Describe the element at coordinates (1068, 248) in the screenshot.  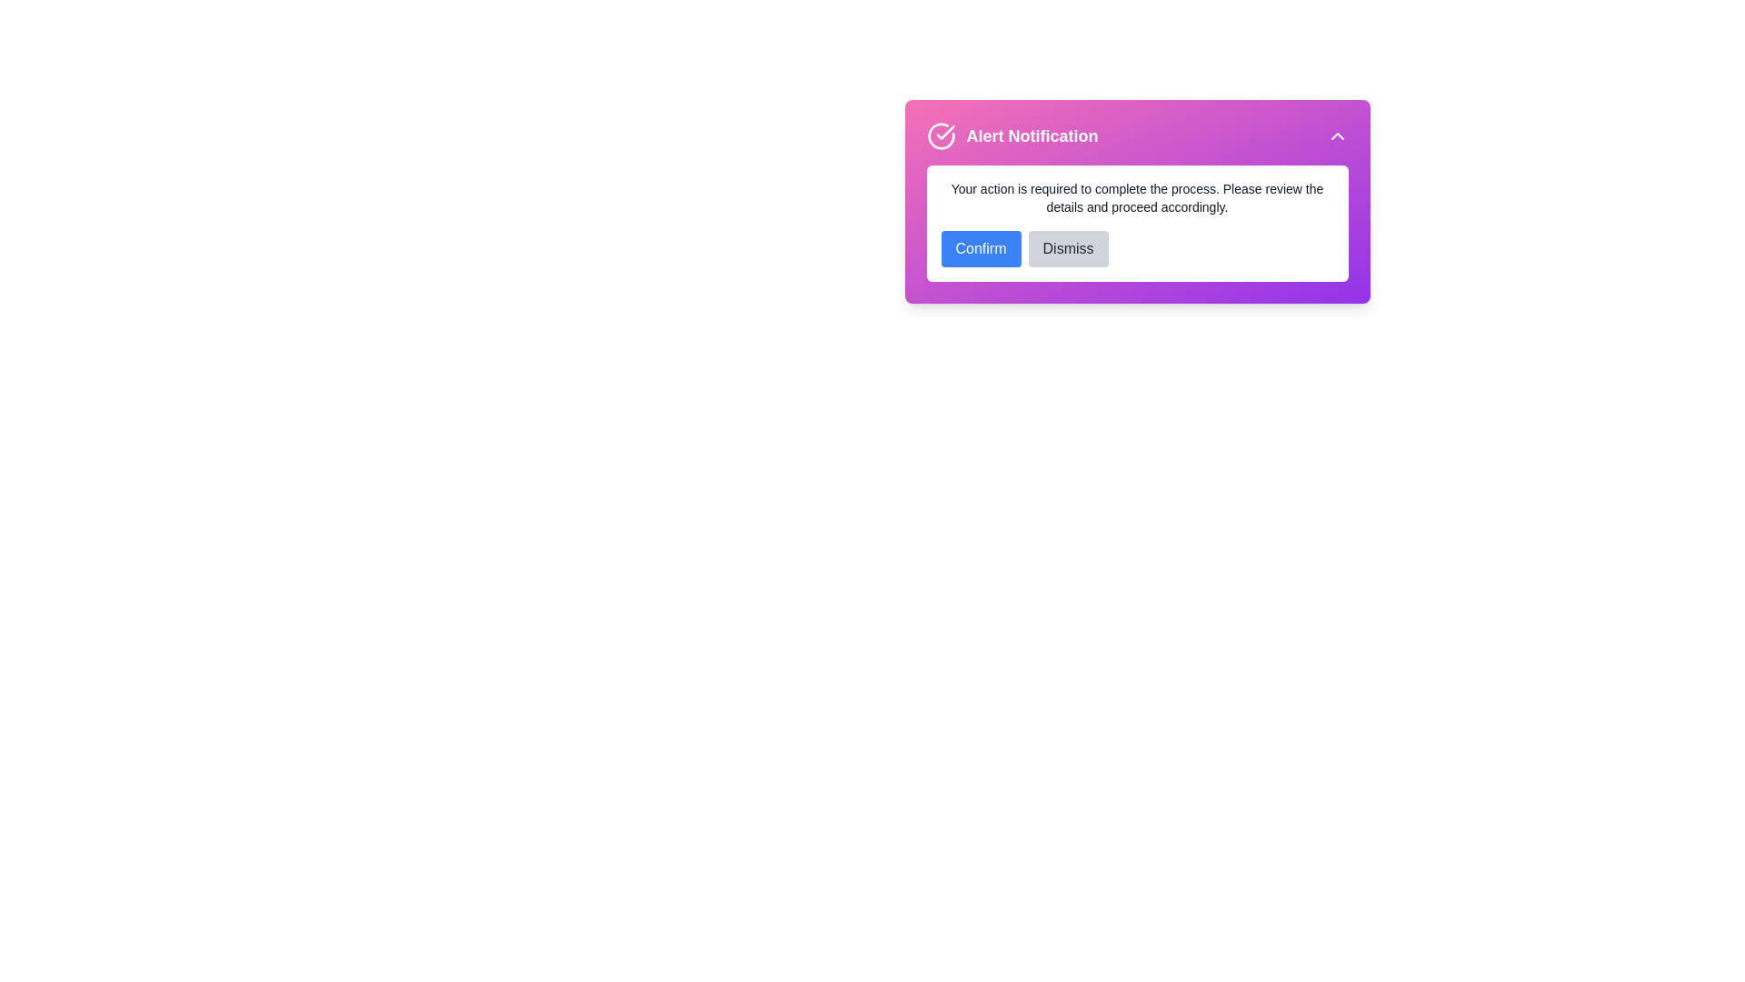
I see `the dismiss button to close the alert notification` at that location.